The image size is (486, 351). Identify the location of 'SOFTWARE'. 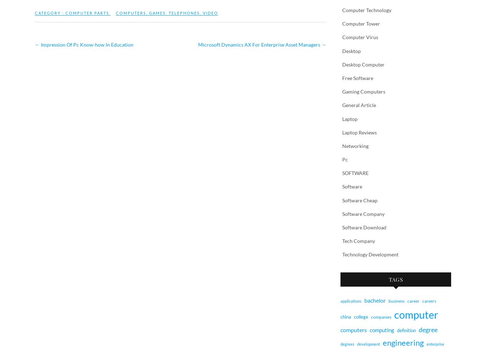
(355, 172).